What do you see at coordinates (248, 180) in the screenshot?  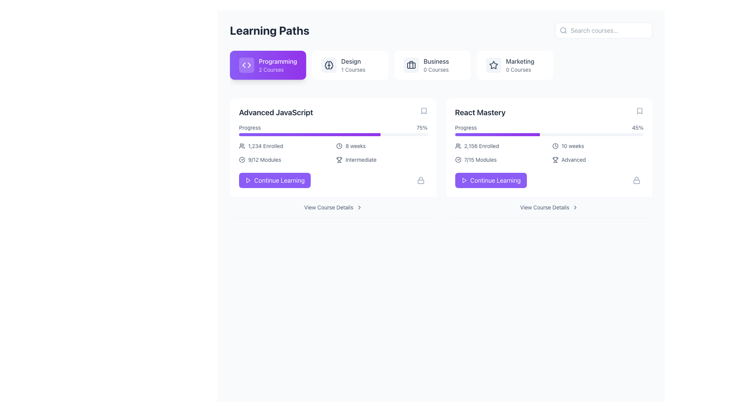 I see `the triangular Play icon (SVG) located in the 'Continue Learning' button of the 'Advanced JavaScript' card` at bounding box center [248, 180].